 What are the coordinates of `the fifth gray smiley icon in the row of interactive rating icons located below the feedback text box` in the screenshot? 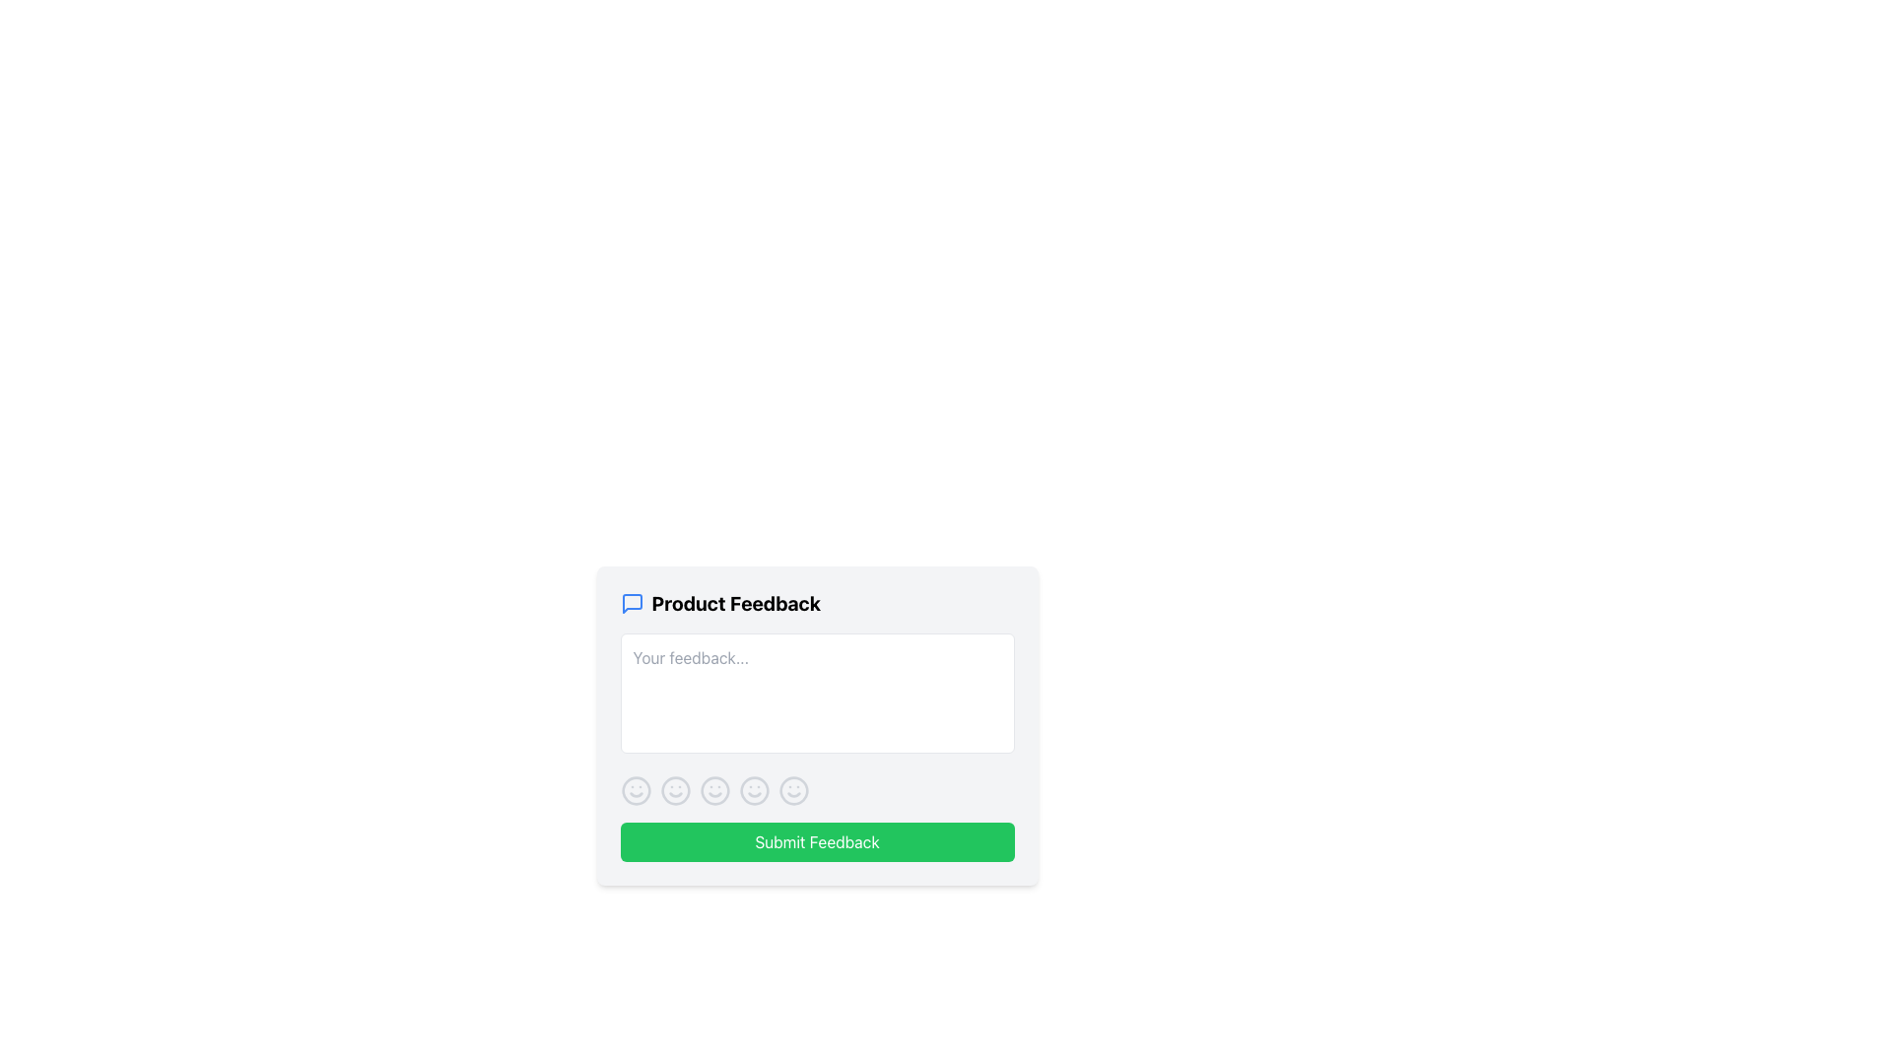 It's located at (793, 789).